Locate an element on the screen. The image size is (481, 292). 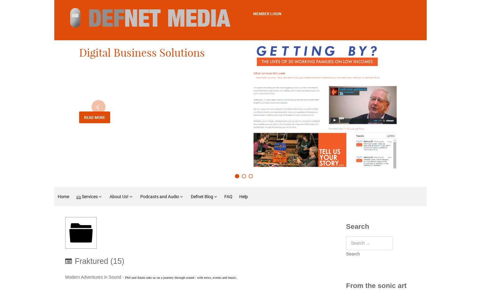
'About Us!' is located at coordinates (119, 196).